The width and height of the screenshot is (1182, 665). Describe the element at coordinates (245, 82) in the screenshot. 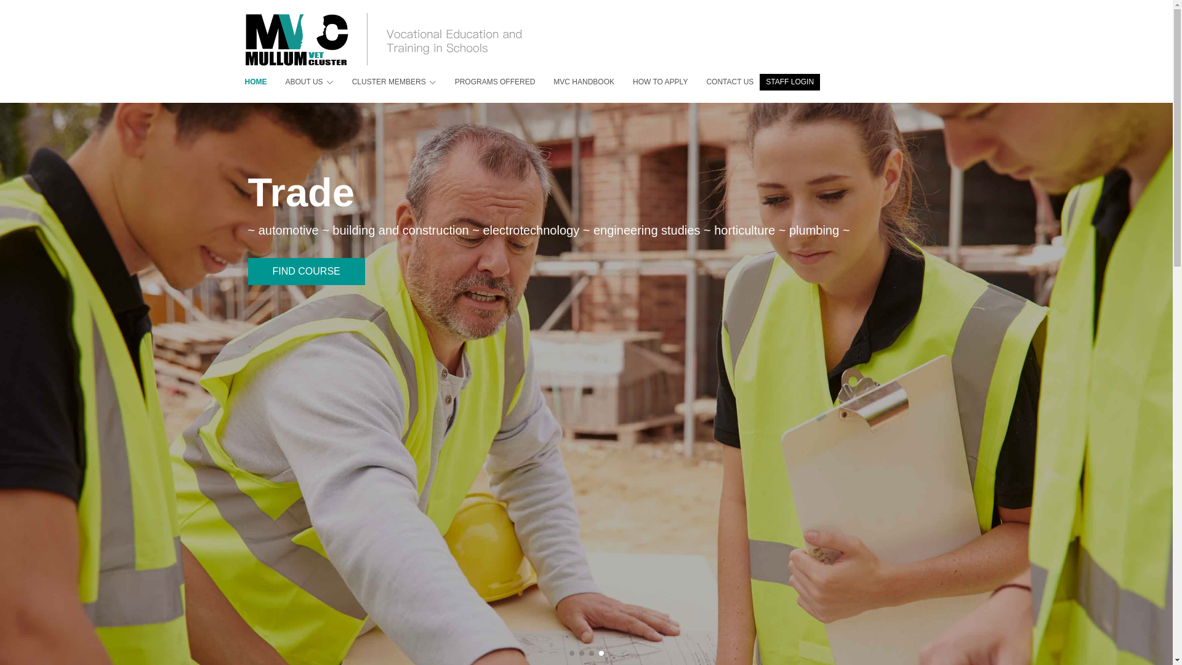

I see `'HOME'` at that location.